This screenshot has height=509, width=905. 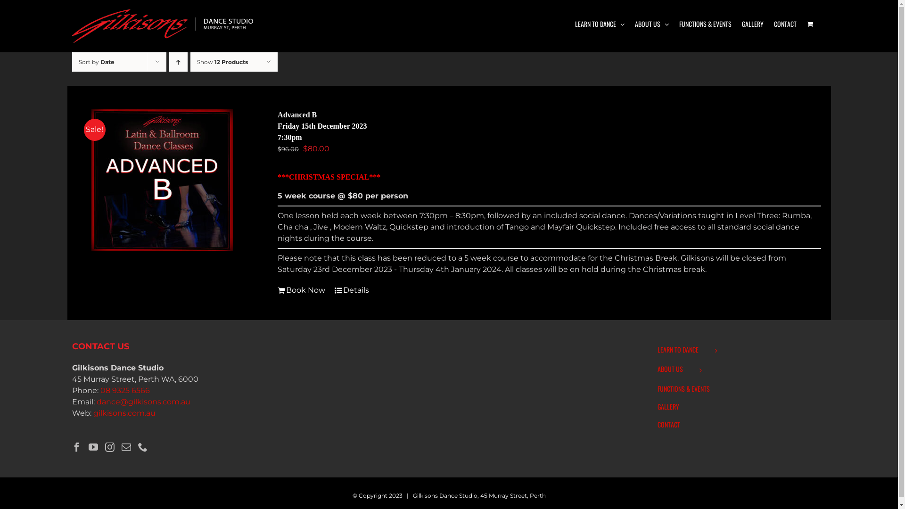 I want to click on 'gilkisons.com.au', so click(x=124, y=412).